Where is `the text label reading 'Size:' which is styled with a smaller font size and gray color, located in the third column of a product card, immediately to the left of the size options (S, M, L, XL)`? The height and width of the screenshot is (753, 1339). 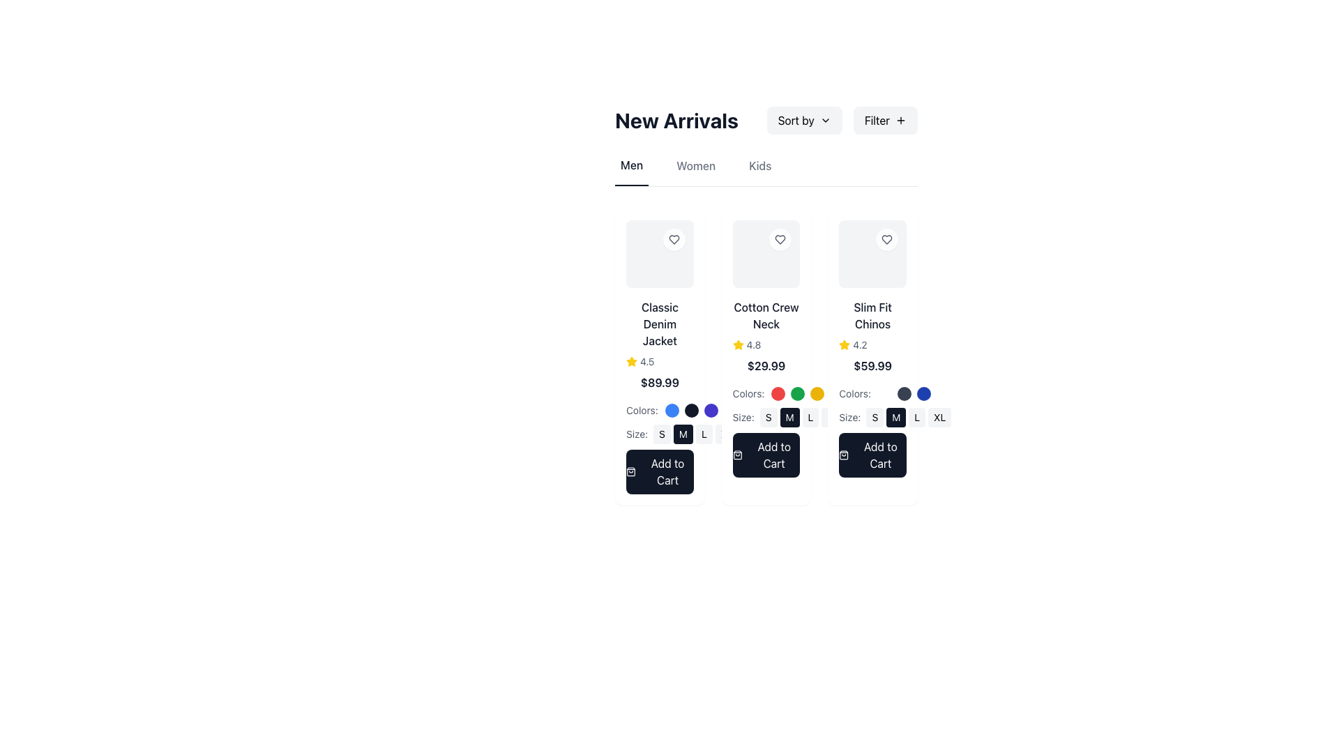 the text label reading 'Size:' which is styled with a smaller font size and gray color, located in the third column of a product card, immediately to the left of the size options (S, M, L, XL) is located at coordinates (849, 416).